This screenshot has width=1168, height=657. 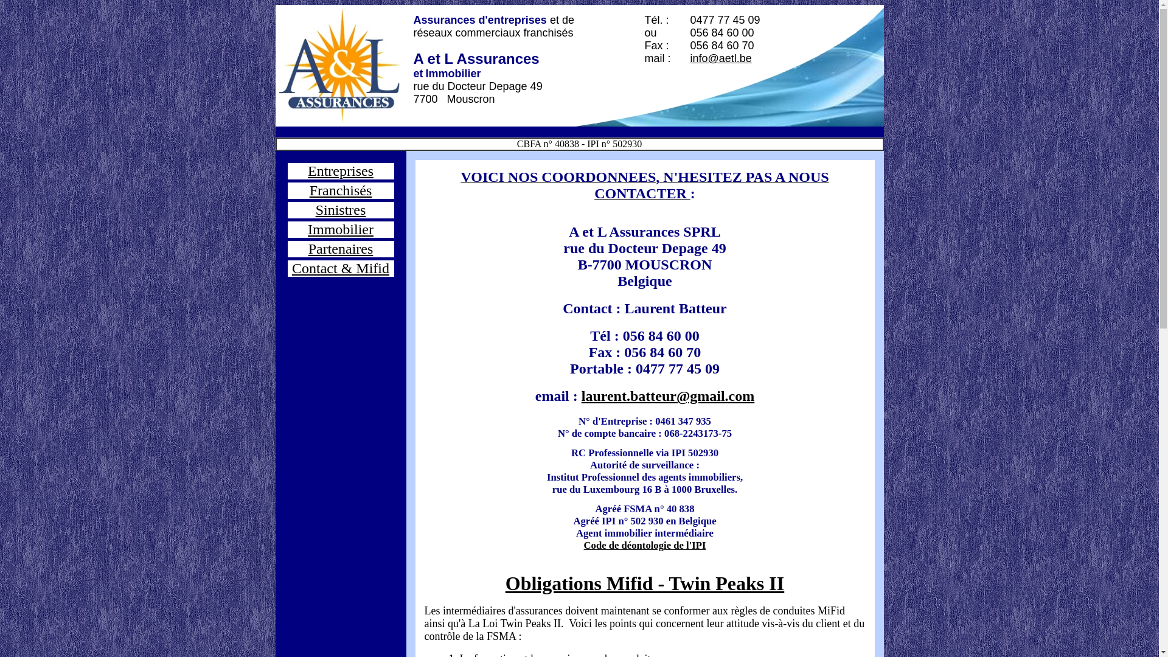 I want to click on 'Immobilier', so click(x=341, y=229).